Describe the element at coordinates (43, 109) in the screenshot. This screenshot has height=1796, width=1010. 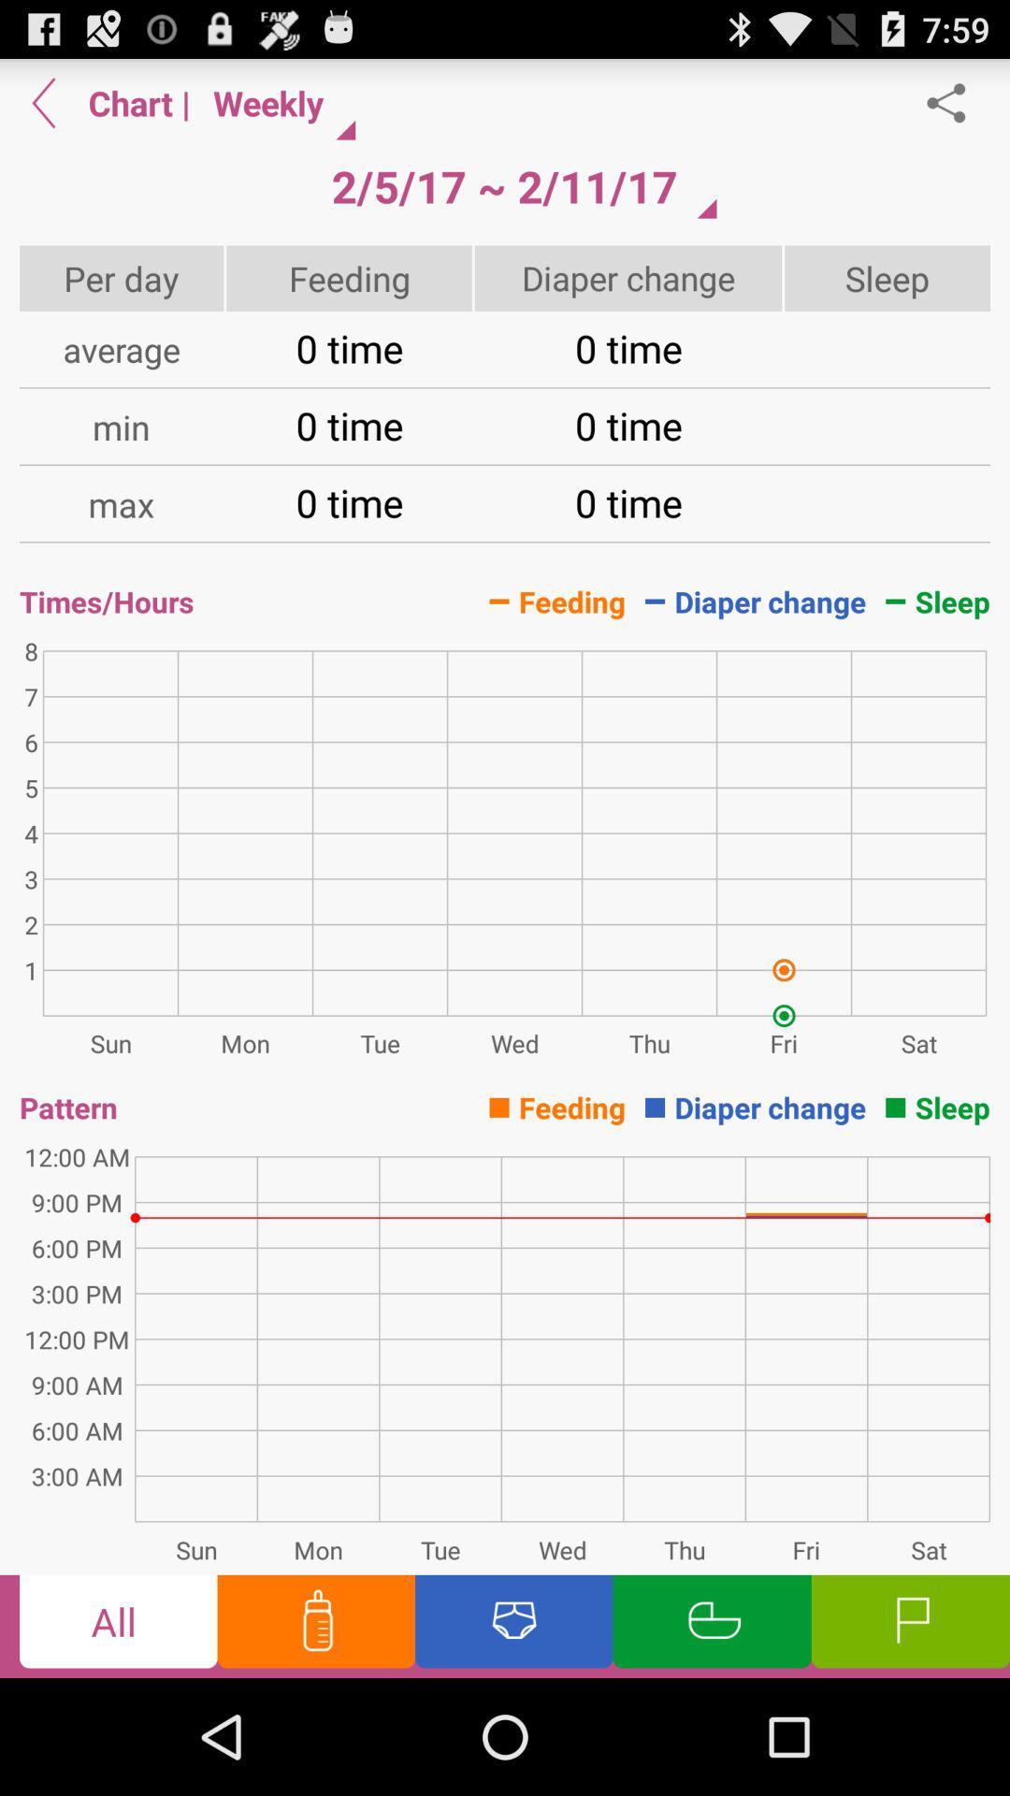
I see `the arrow_backward icon` at that location.